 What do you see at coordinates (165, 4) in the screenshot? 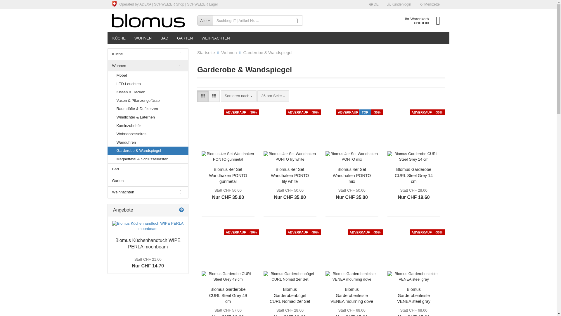
I see `'Operated by ADEXA | SCHWEIZER Shop | SCHWEIZER Lager'` at bounding box center [165, 4].